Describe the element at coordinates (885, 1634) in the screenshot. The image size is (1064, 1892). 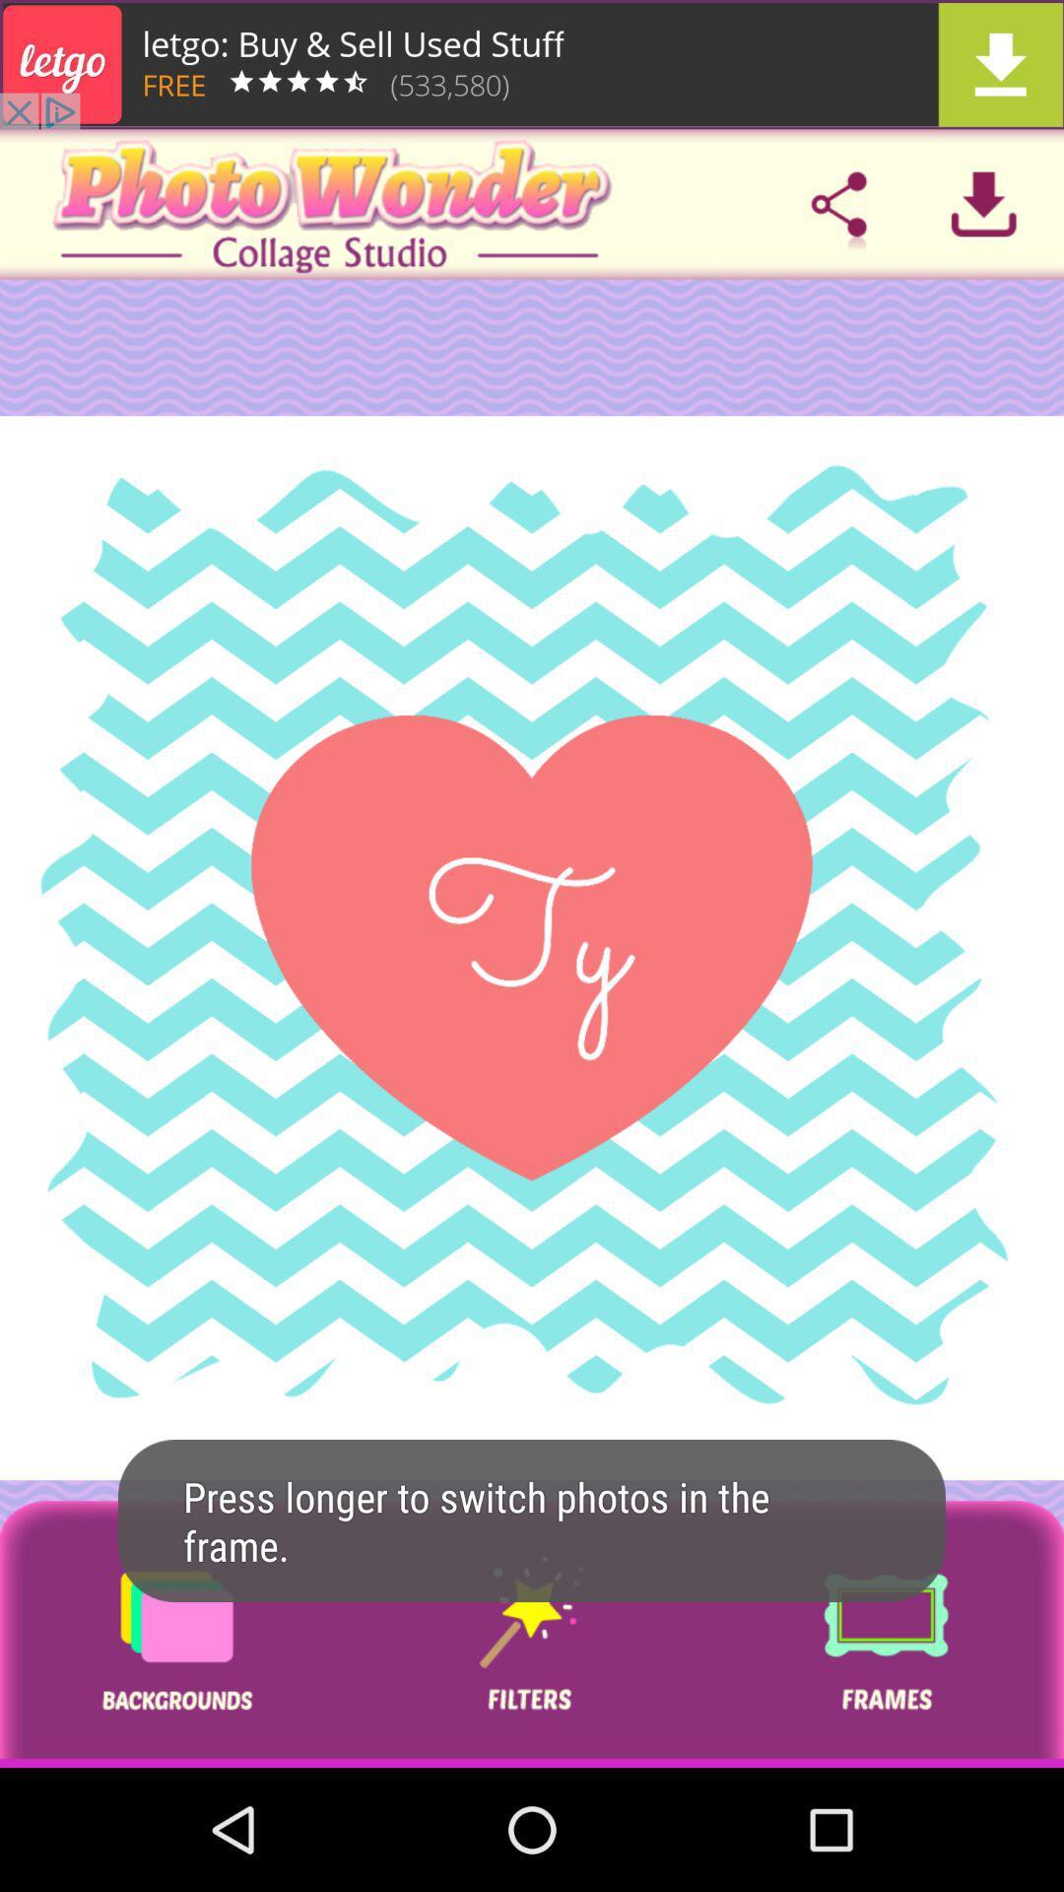
I see `a frame` at that location.